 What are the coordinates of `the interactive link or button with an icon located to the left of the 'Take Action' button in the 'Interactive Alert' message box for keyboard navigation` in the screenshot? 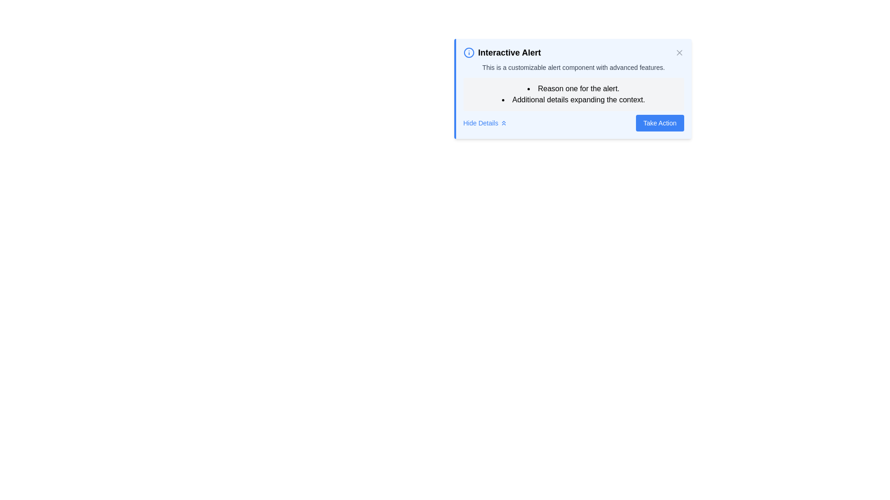 It's located at (485, 123).